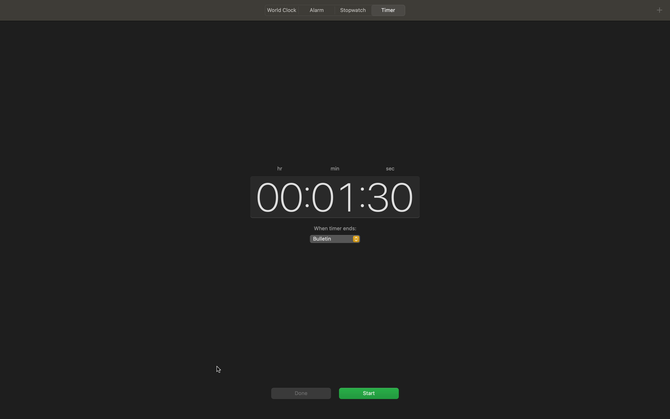  Describe the element at coordinates (369, 393) in the screenshot. I see `Start Timer by pressing the green button` at that location.